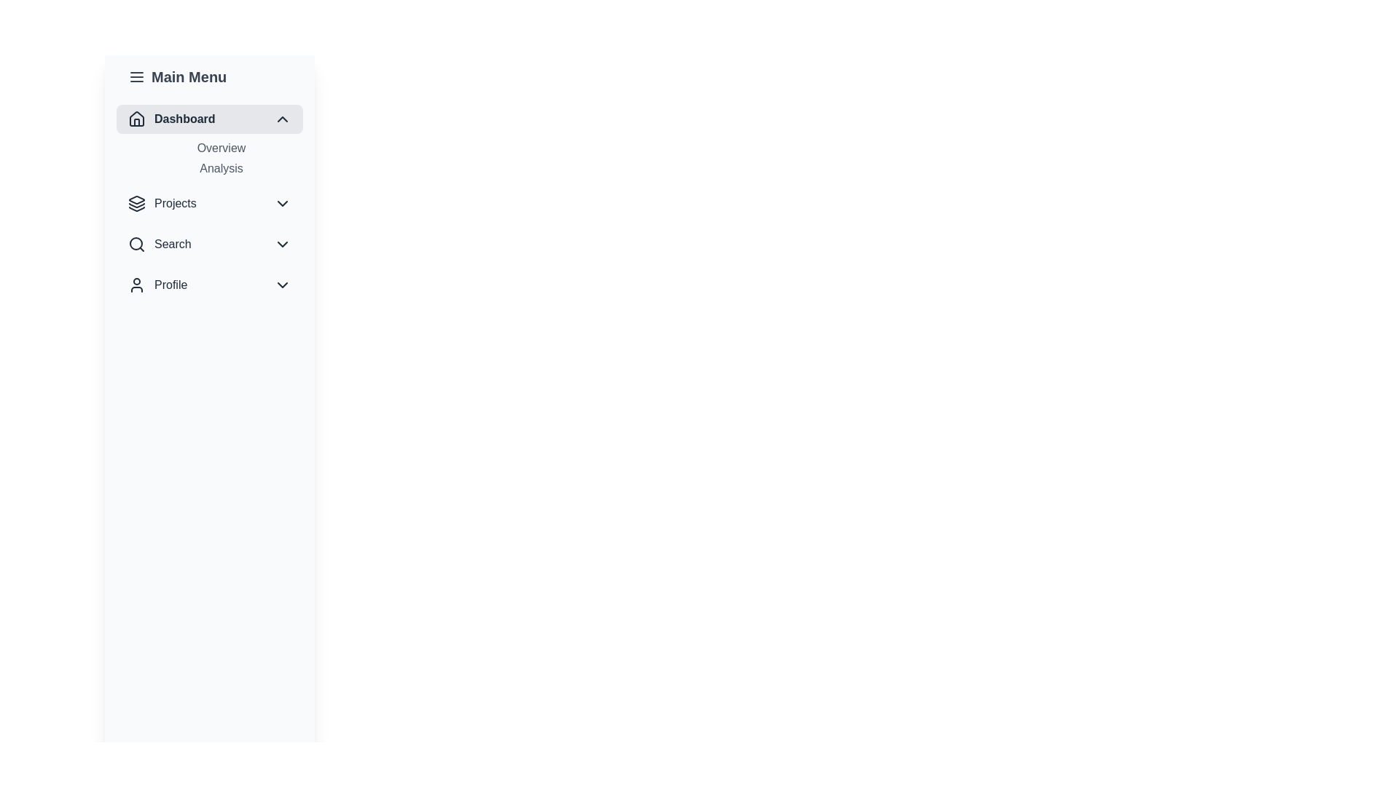 This screenshot has width=1399, height=786. What do you see at coordinates (157, 285) in the screenshot?
I see `the profile settings menu item located in the left-hand navigation menu, positioned below the 'Search' section and above the 'Profile' dropdown icon` at bounding box center [157, 285].